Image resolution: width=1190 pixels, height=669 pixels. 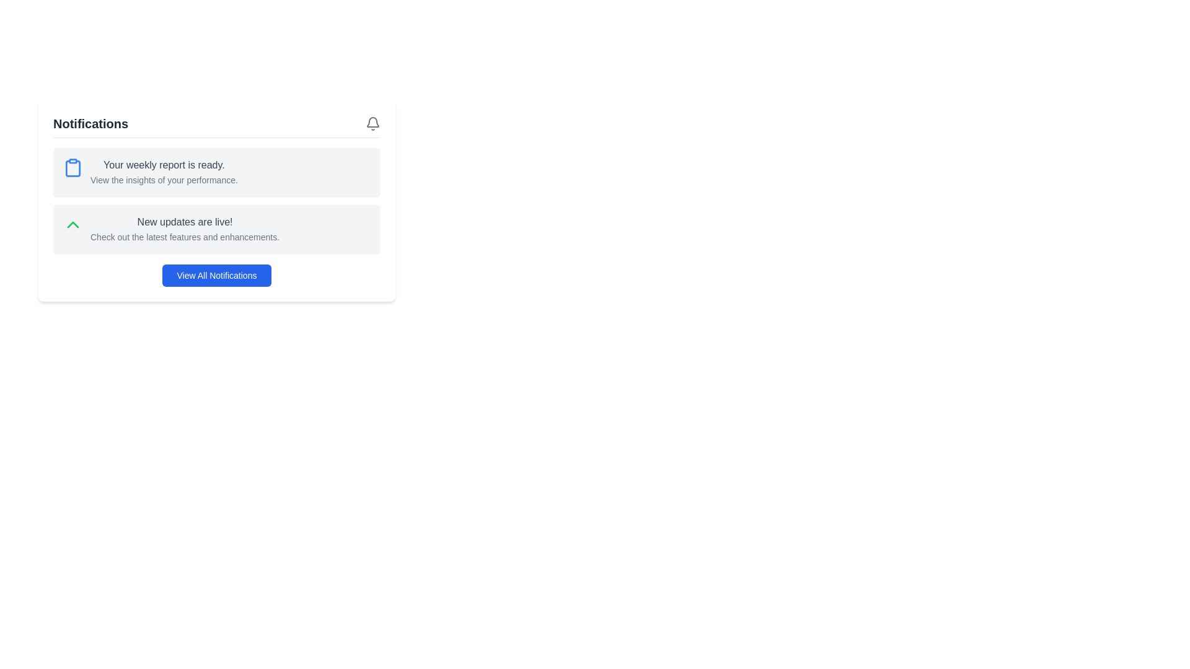 What do you see at coordinates (90, 124) in the screenshot?
I see `notification section title displayed as 'Notifications' in bold, large black text at the top-left of the header bar` at bounding box center [90, 124].